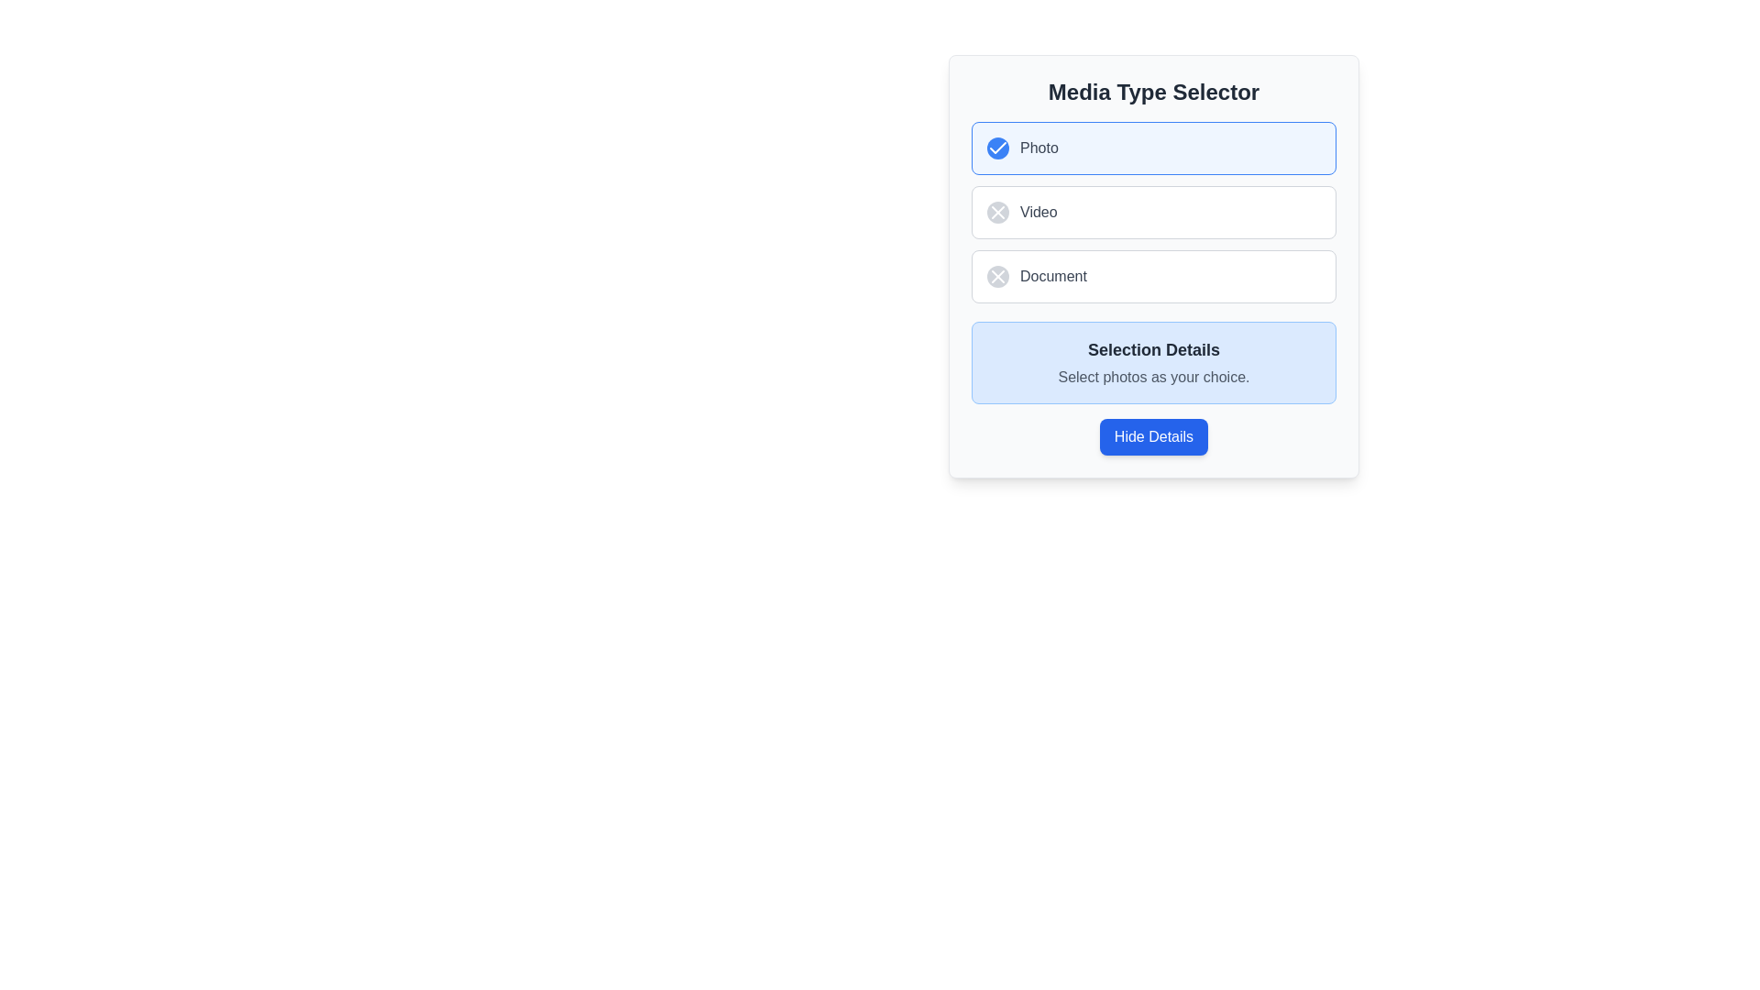  What do you see at coordinates (1152, 211) in the screenshot?
I see `the second radio button labeled 'Video' in the 'Media Type Selector' group` at bounding box center [1152, 211].